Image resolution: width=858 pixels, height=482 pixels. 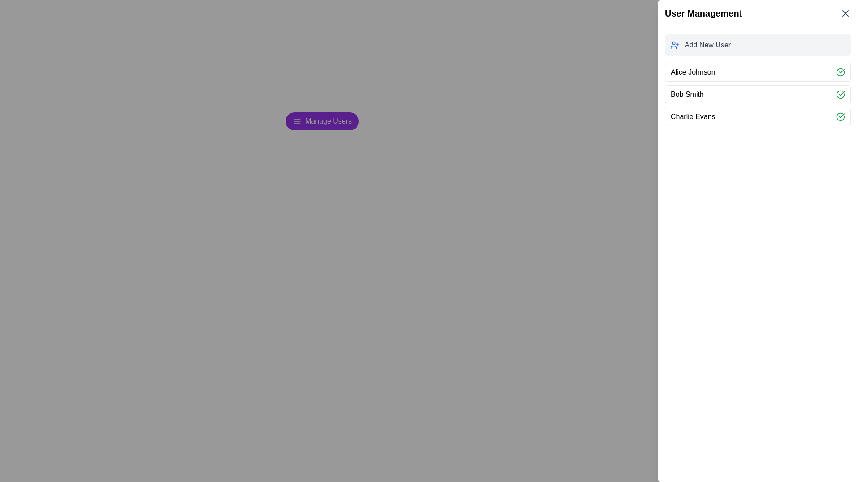 I want to click on the close button icon resembling an 'X' located in the top-right corner of the User Management panel to trigger the hover effect, so click(x=845, y=13).